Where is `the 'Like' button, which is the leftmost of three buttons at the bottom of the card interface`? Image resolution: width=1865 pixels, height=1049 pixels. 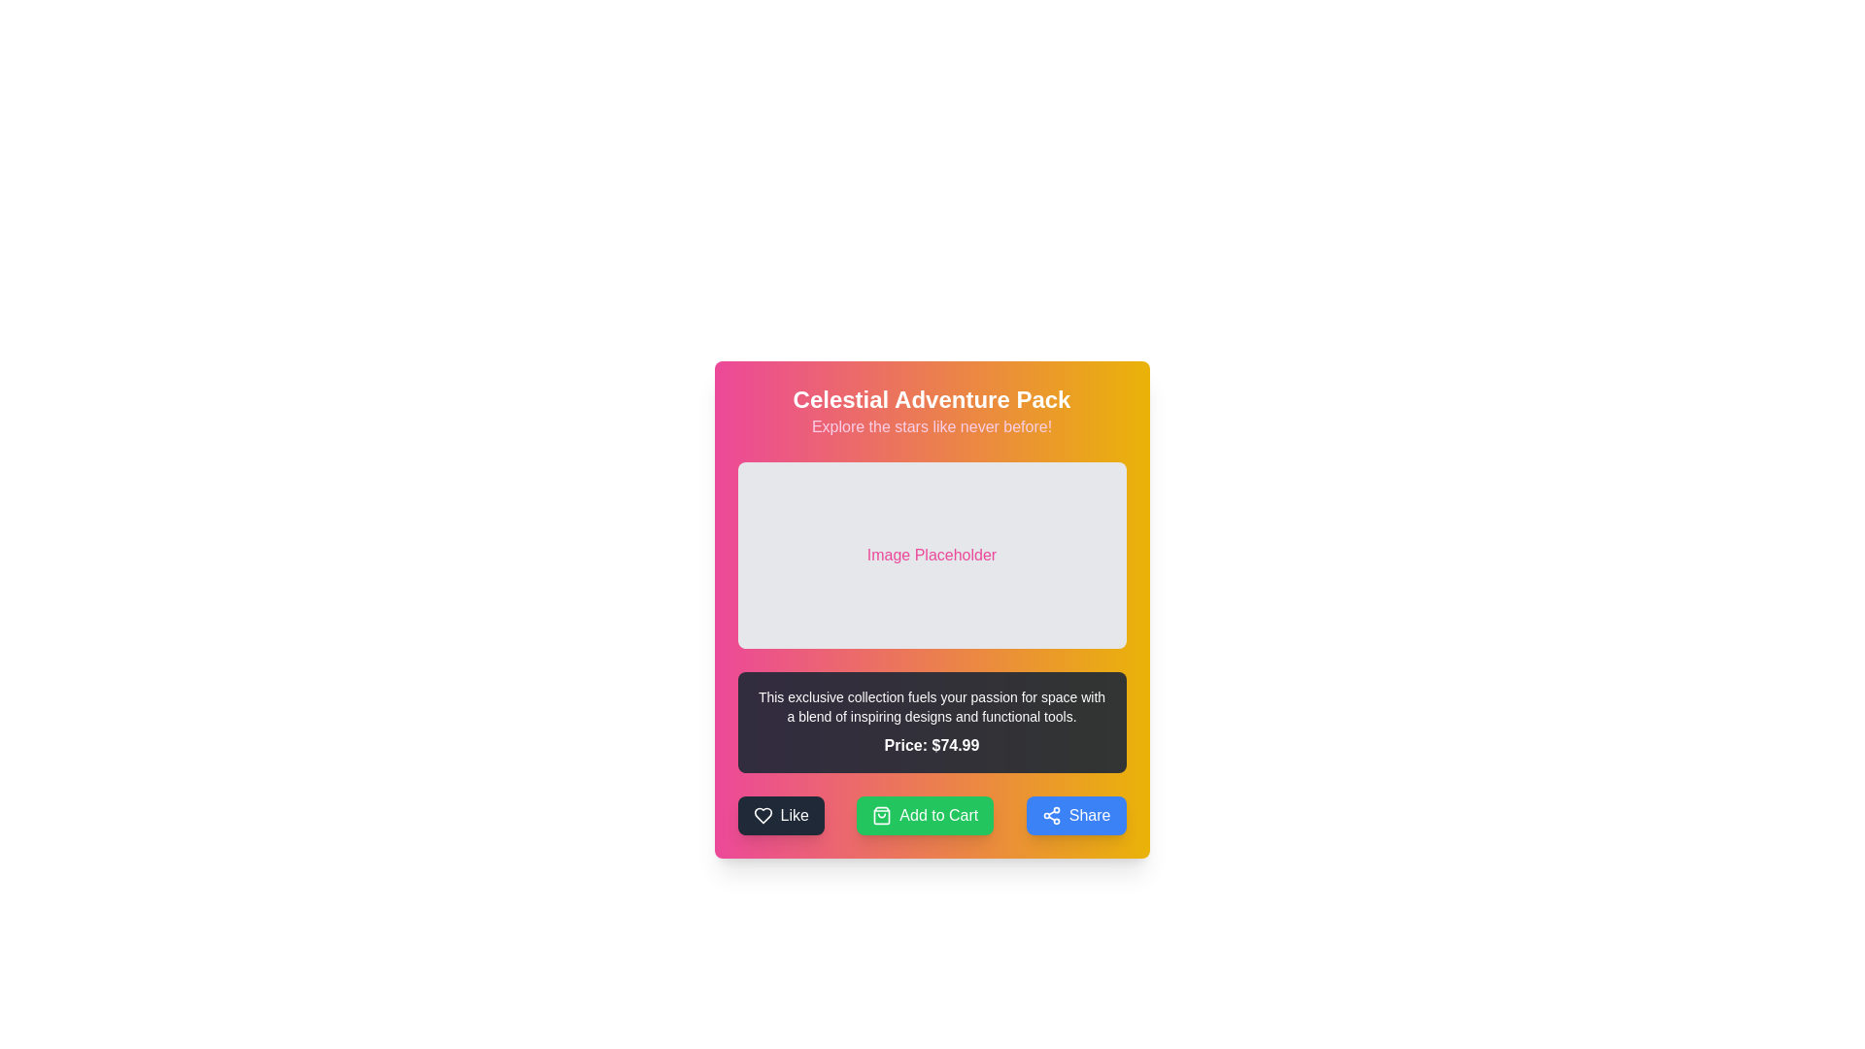
the 'Like' button, which is the leftmost of three buttons at the bottom of the card interface is located at coordinates (781, 816).